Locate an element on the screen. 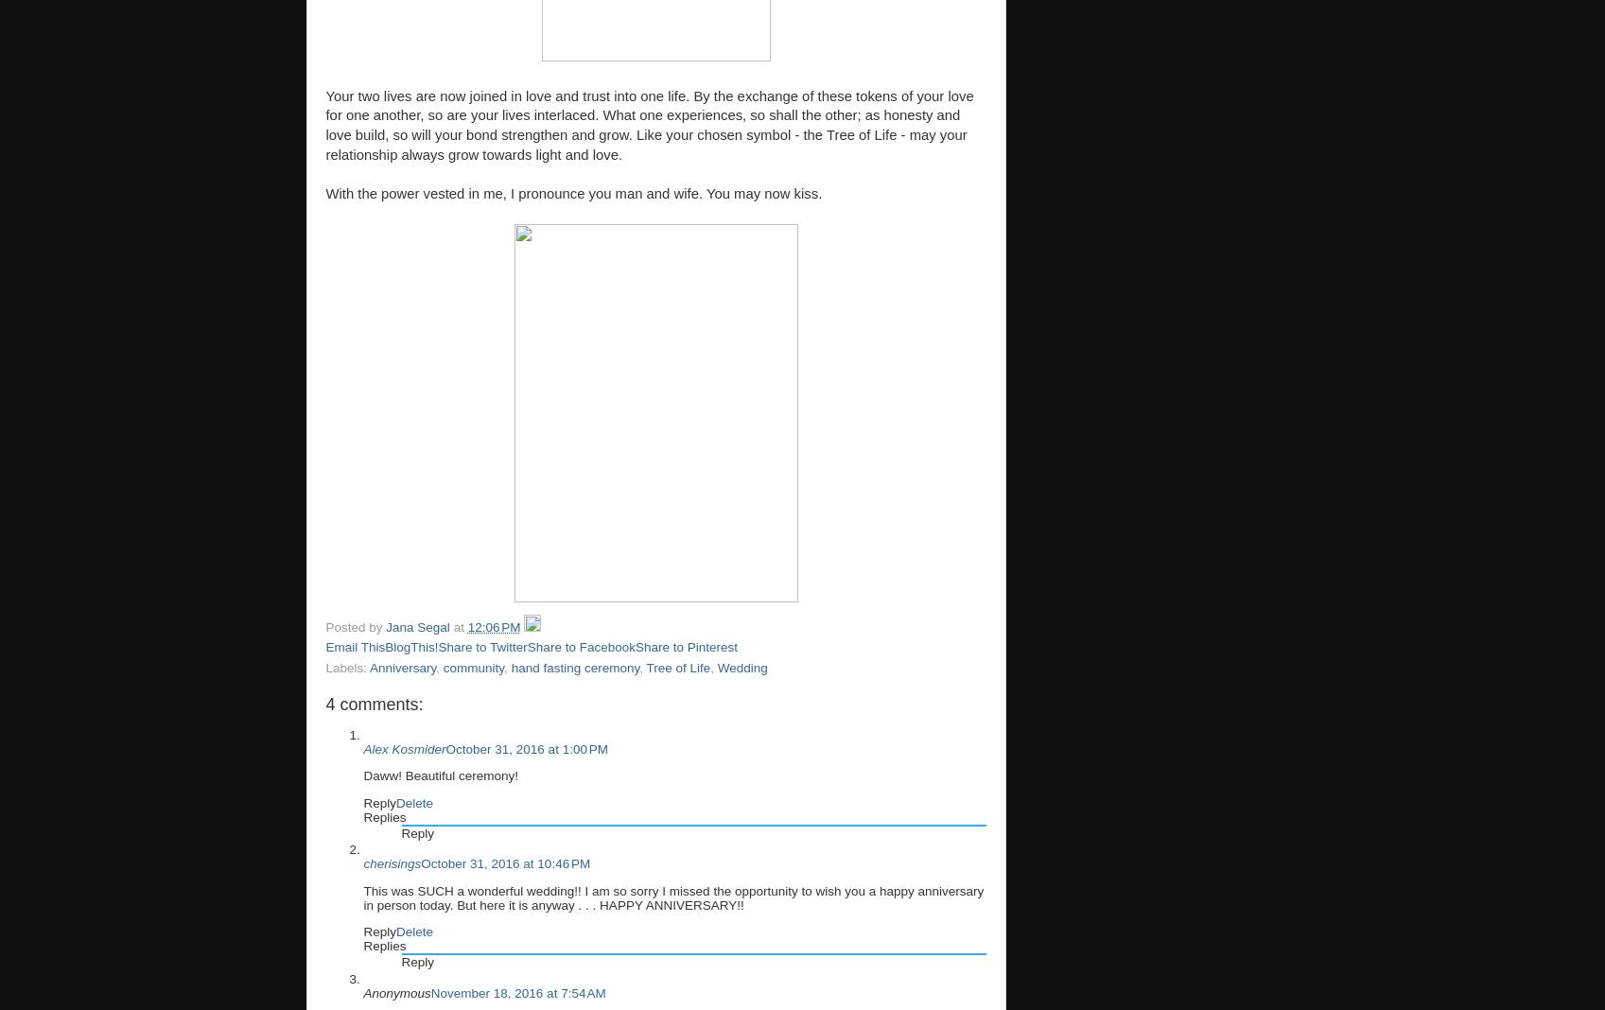 This screenshot has width=1605, height=1010. 'Posted by' is located at coordinates (324, 625).